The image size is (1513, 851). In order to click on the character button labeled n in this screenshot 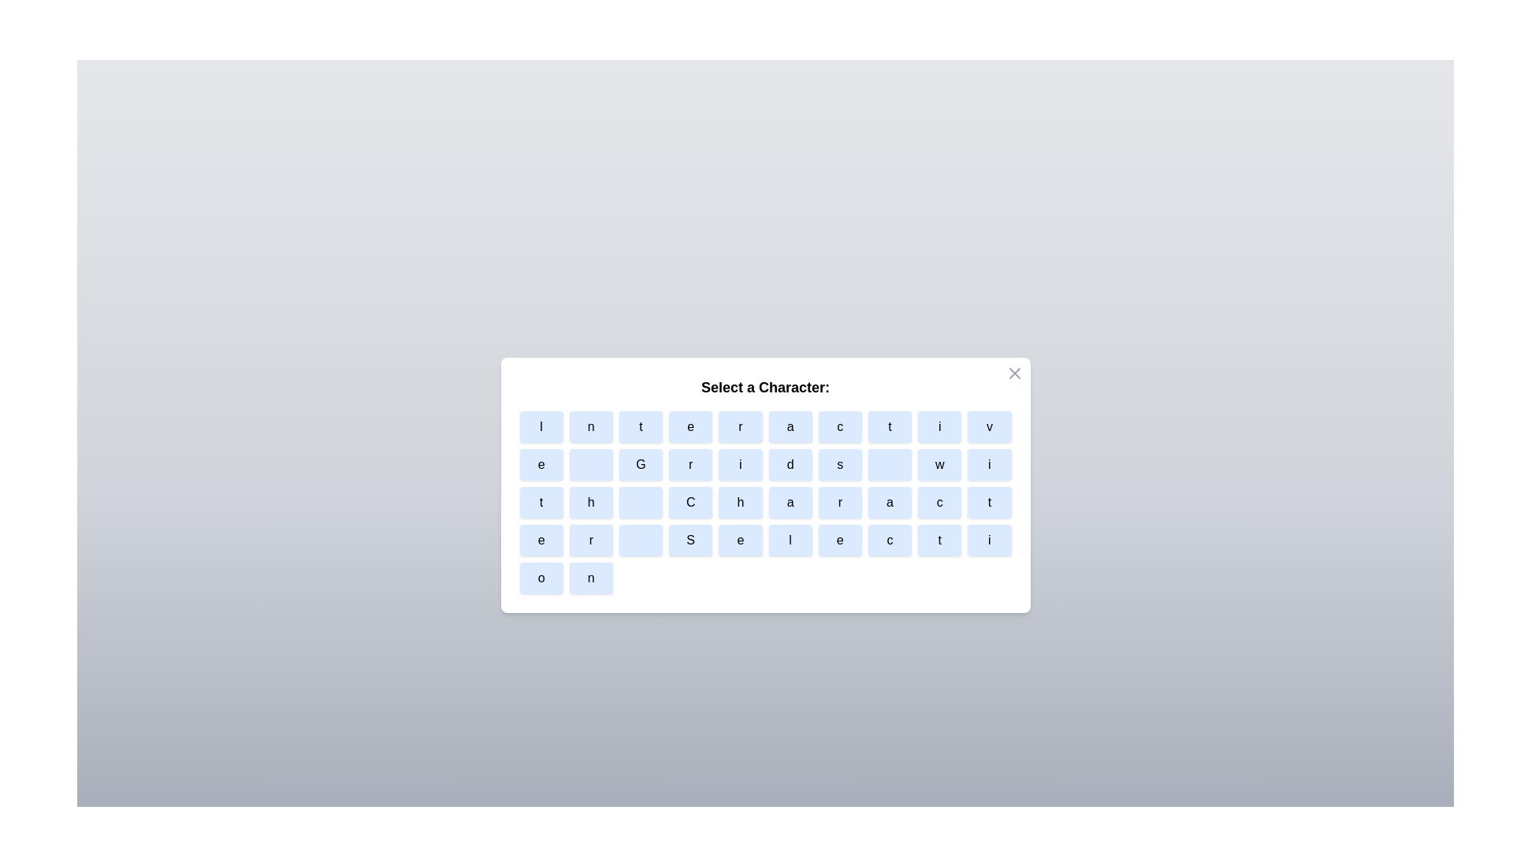, I will do `click(590, 427)`.